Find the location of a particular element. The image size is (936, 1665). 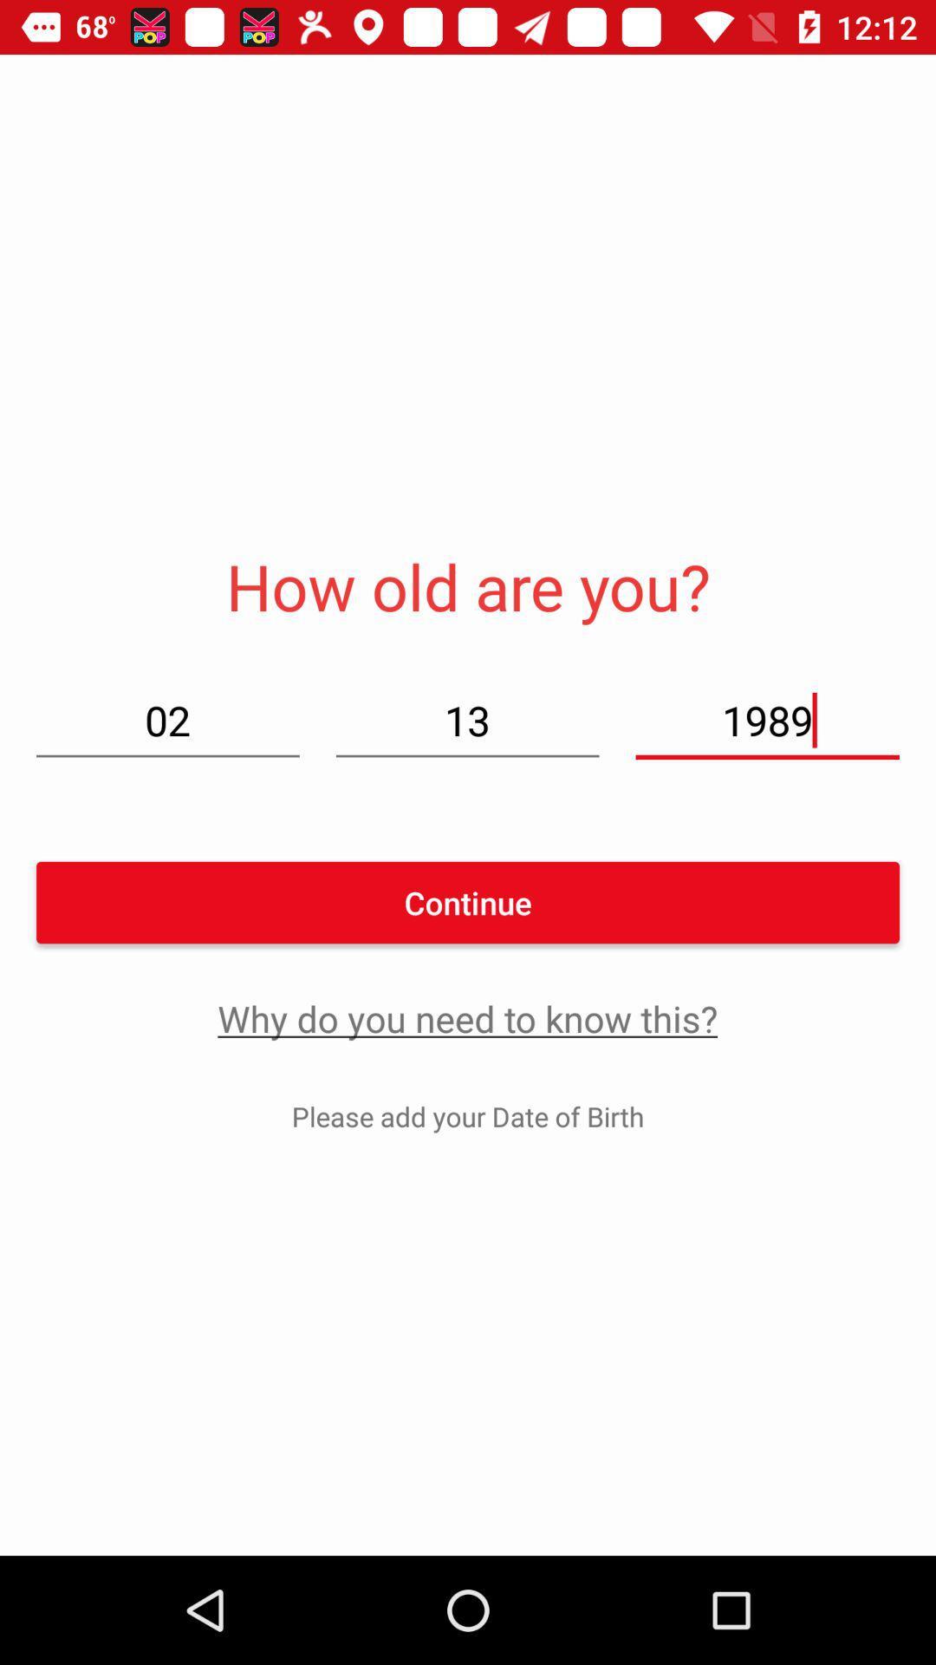

1989 icon is located at coordinates (766, 720).